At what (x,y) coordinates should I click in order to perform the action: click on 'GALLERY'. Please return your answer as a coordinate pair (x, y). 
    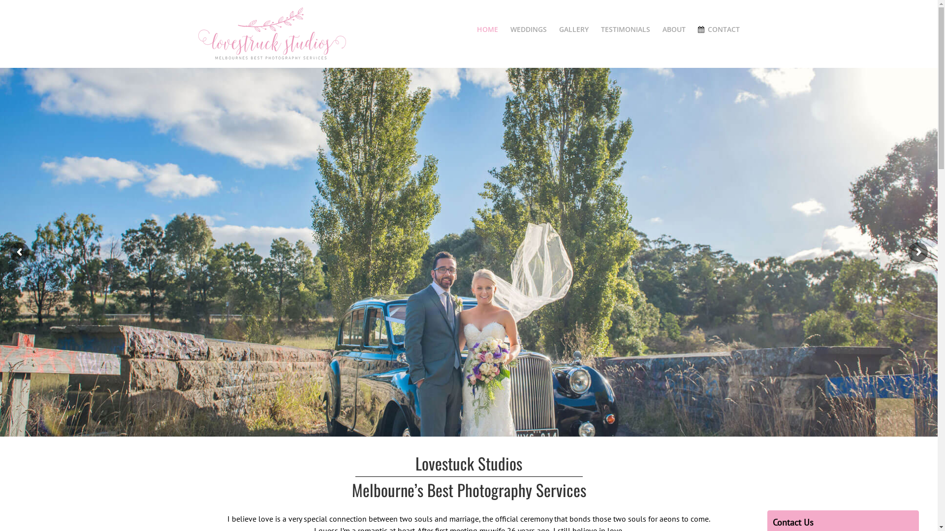
    Looking at the image, I should click on (574, 29).